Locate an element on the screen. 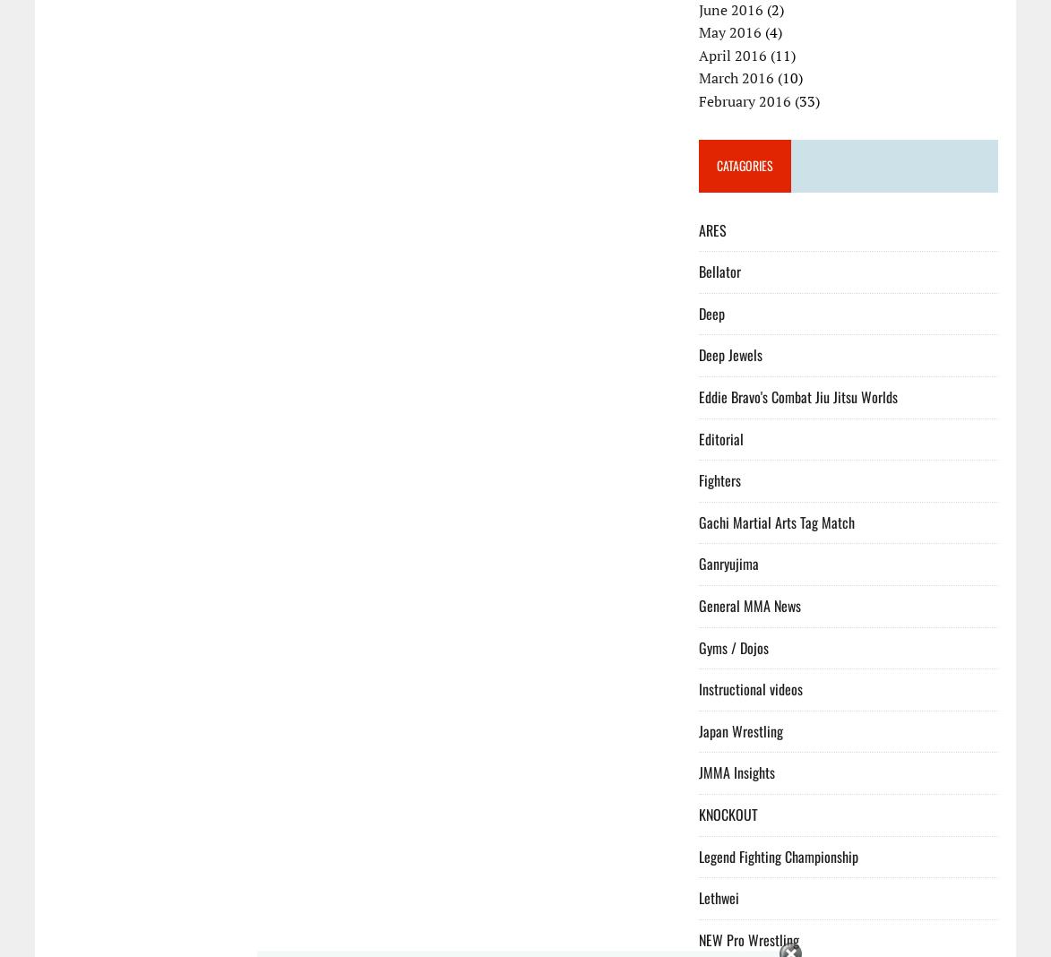  'Eddie Bravo's Combat Jiu Jitsu Worlds' is located at coordinates (798, 397).